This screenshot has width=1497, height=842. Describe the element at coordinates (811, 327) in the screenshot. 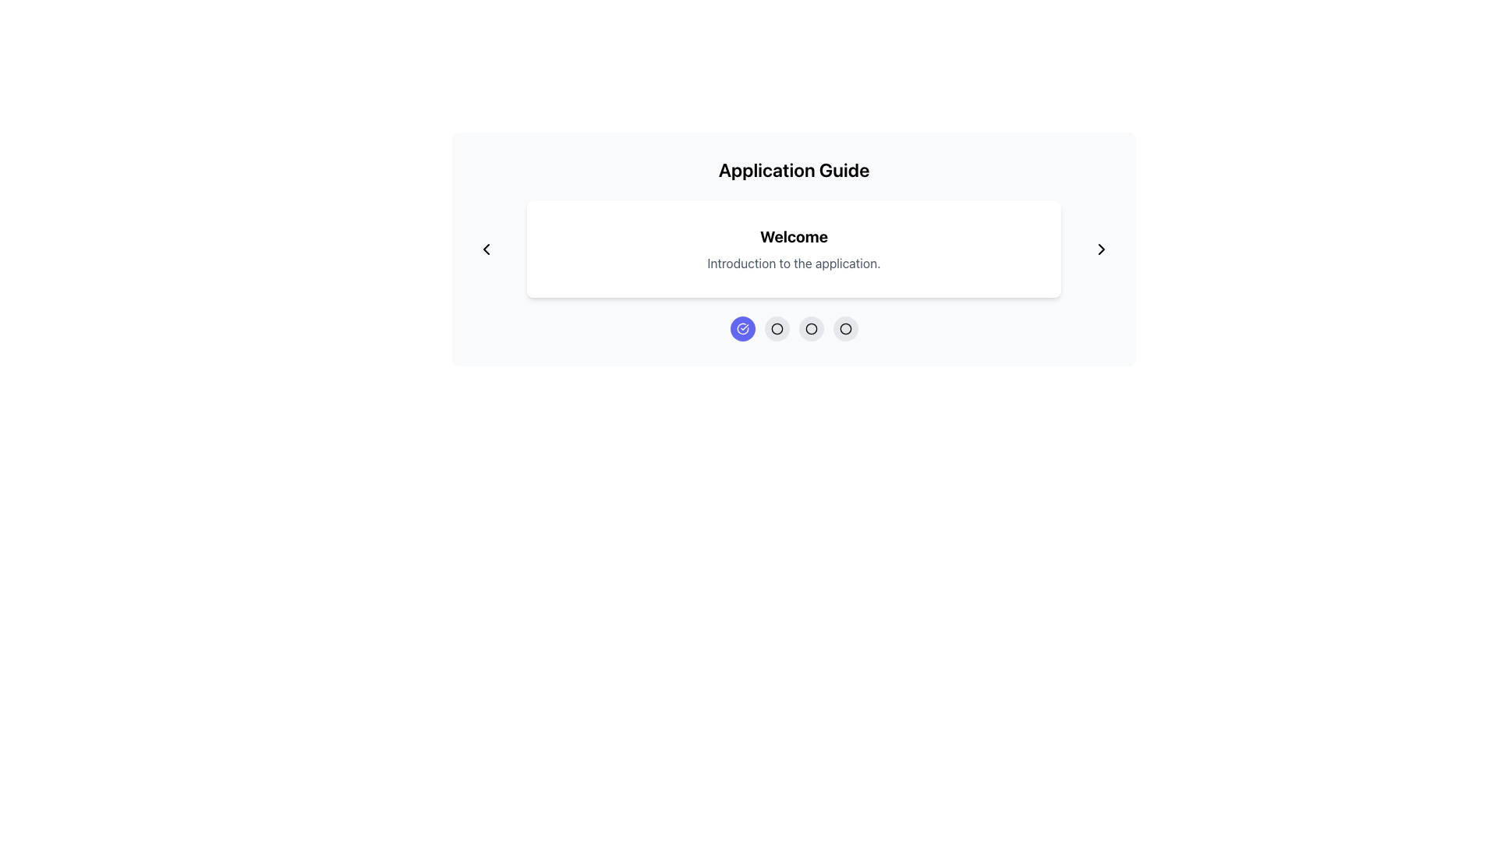

I see `the third circular button with a gray background and a black border below the 'Application Guide' heading` at that location.